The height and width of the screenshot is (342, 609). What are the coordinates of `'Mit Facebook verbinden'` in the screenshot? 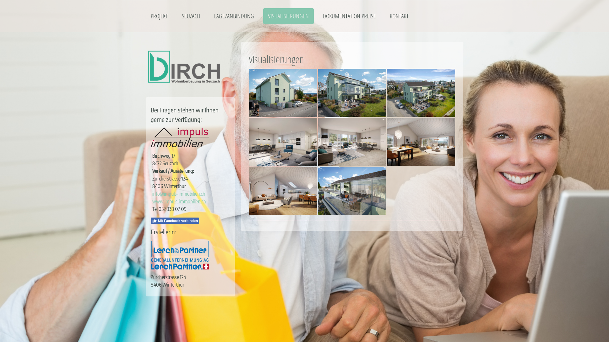 It's located at (175, 220).